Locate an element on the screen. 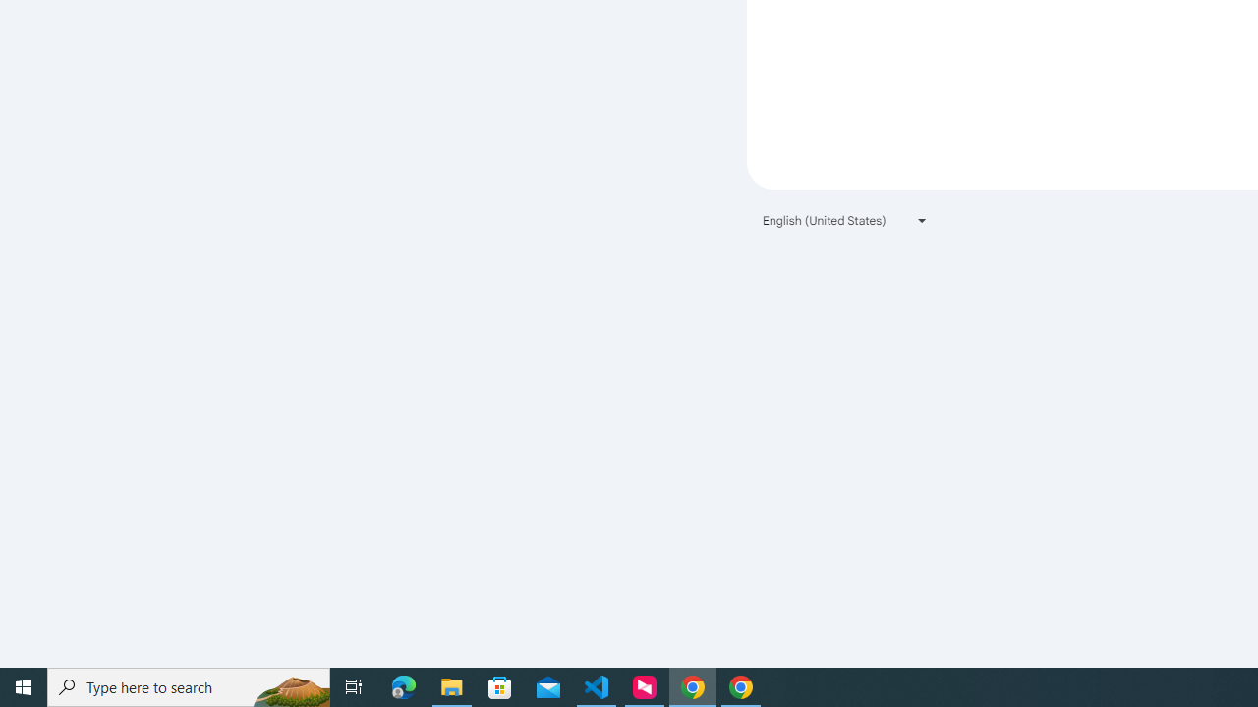 The height and width of the screenshot is (707, 1258). 'English (United States)' is located at coordinates (845, 220).